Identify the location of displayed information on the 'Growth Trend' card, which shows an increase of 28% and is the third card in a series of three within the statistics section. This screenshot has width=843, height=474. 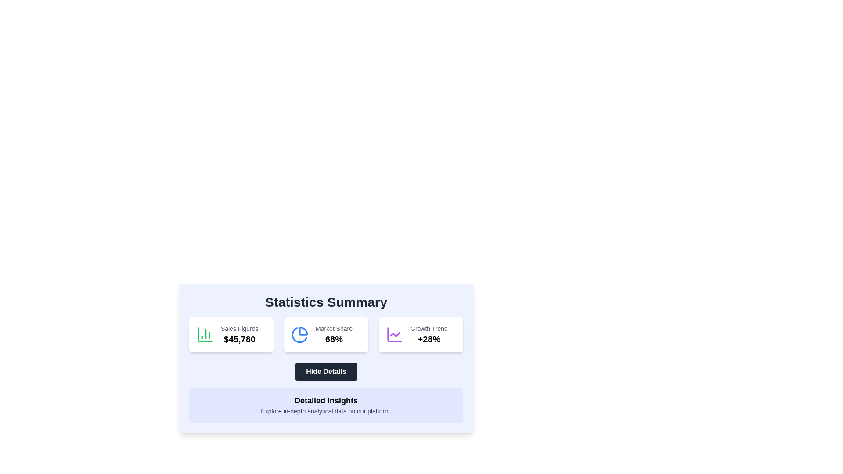
(421, 335).